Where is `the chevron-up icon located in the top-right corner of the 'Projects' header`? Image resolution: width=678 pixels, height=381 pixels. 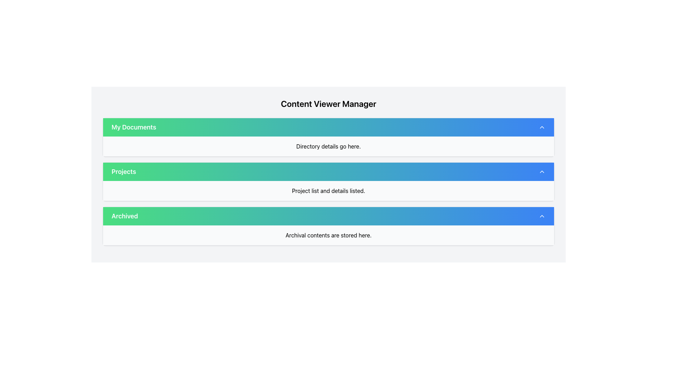
the chevron-up icon located in the top-right corner of the 'Projects' header is located at coordinates (542, 171).